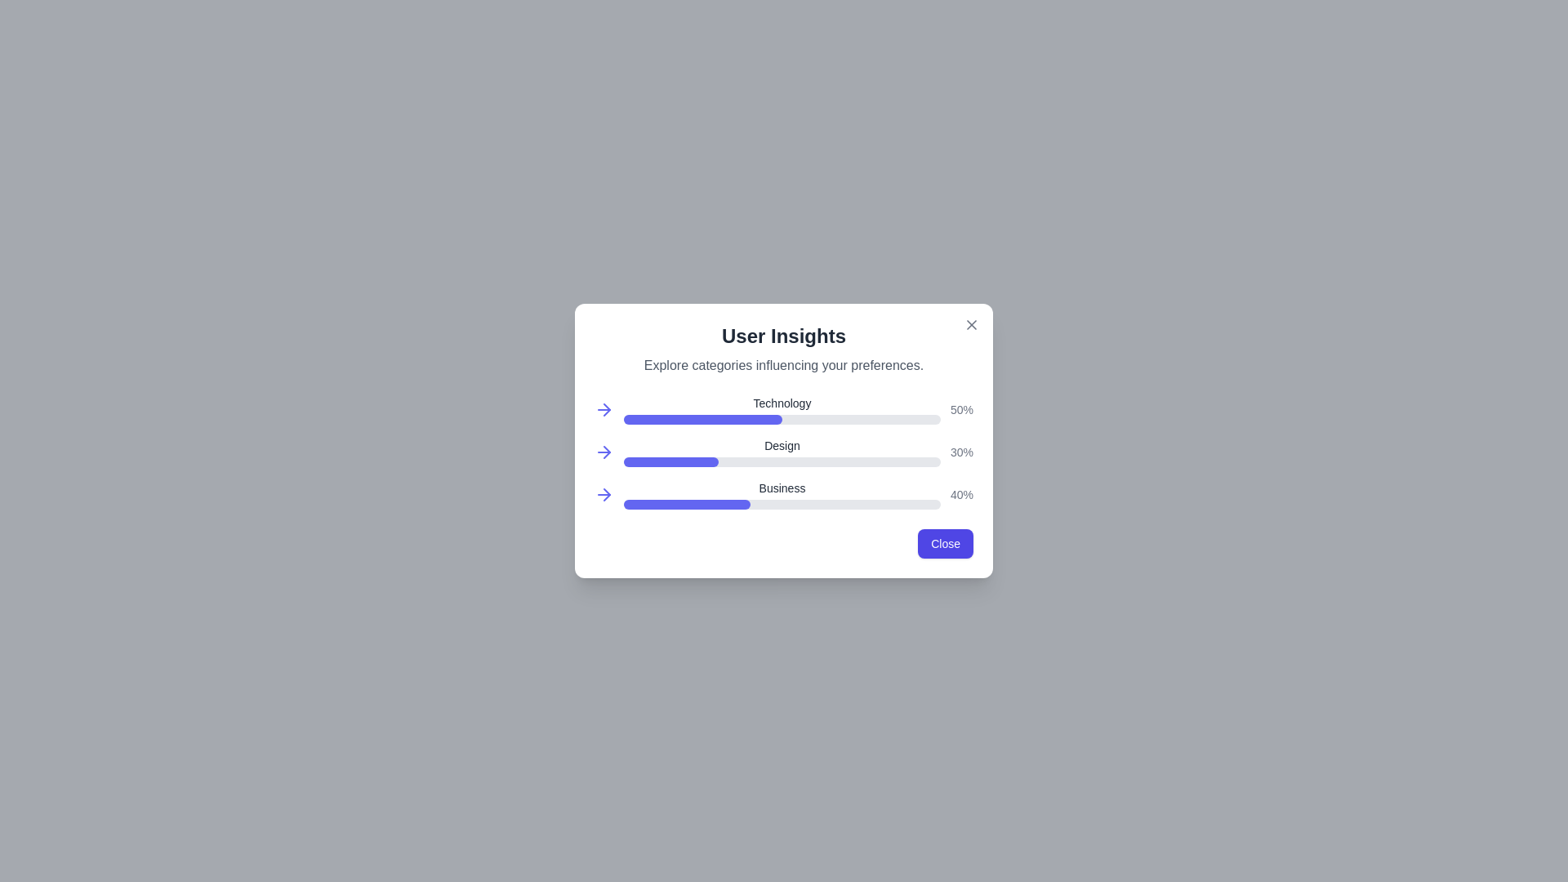 The width and height of the screenshot is (1568, 882). Describe the element at coordinates (670, 452) in the screenshot. I see `the progress bar for Design to view details` at that location.